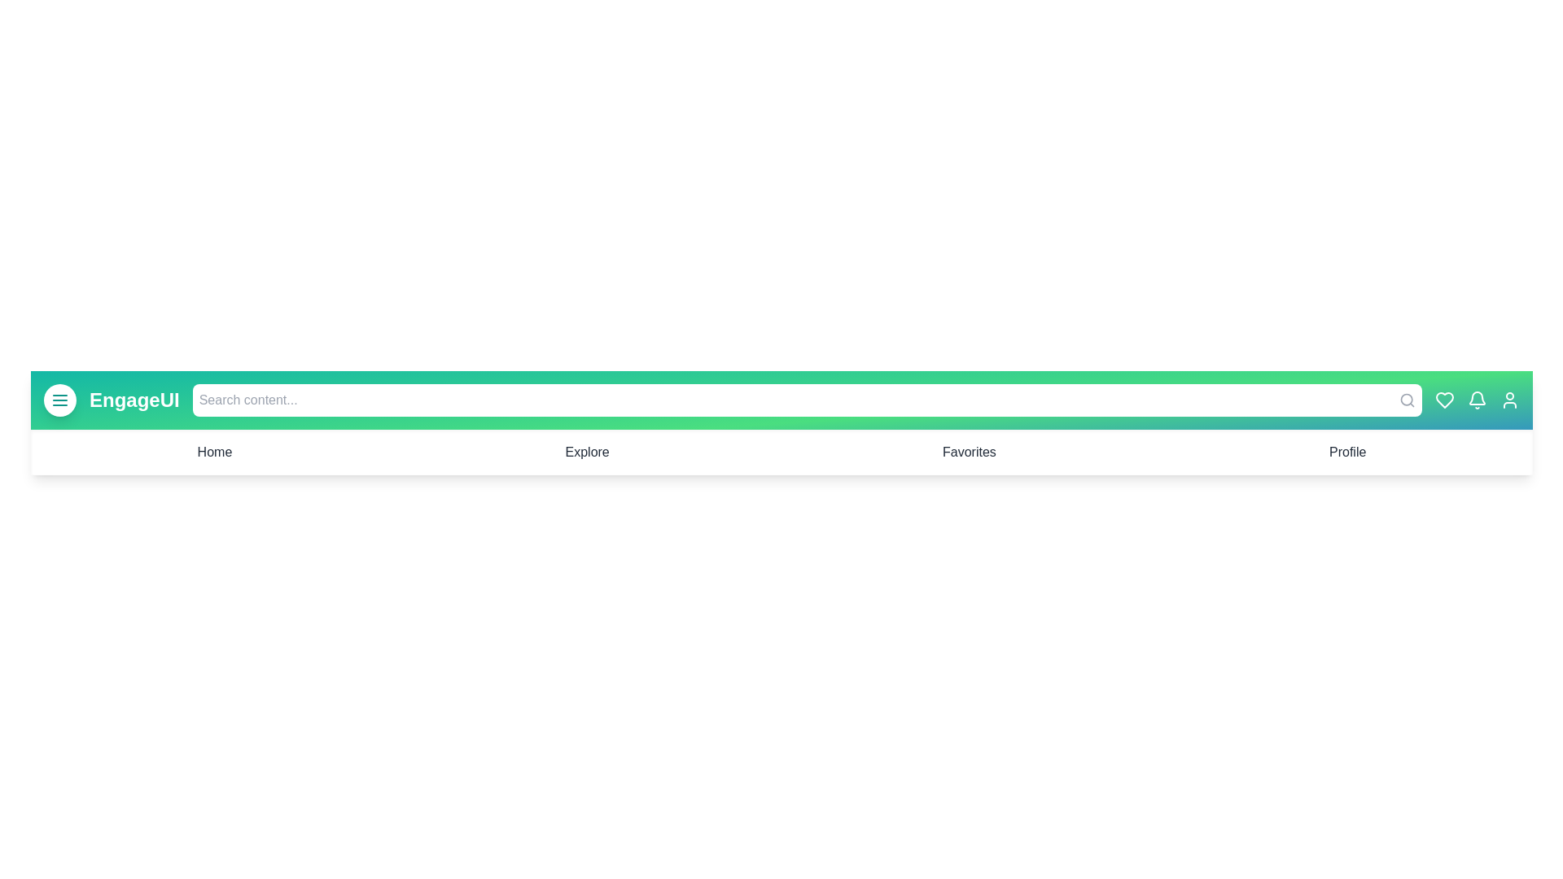 The width and height of the screenshot is (1563, 879). I want to click on the search bar and type 'example query', so click(806, 400).